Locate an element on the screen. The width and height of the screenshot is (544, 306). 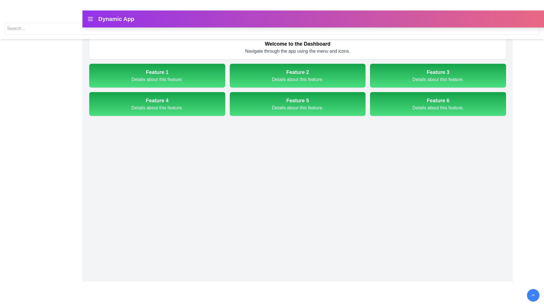
the non-interactive descriptive element labeled 'Feature 3' with a green gradient background and two lines of white text is located at coordinates (438, 75).